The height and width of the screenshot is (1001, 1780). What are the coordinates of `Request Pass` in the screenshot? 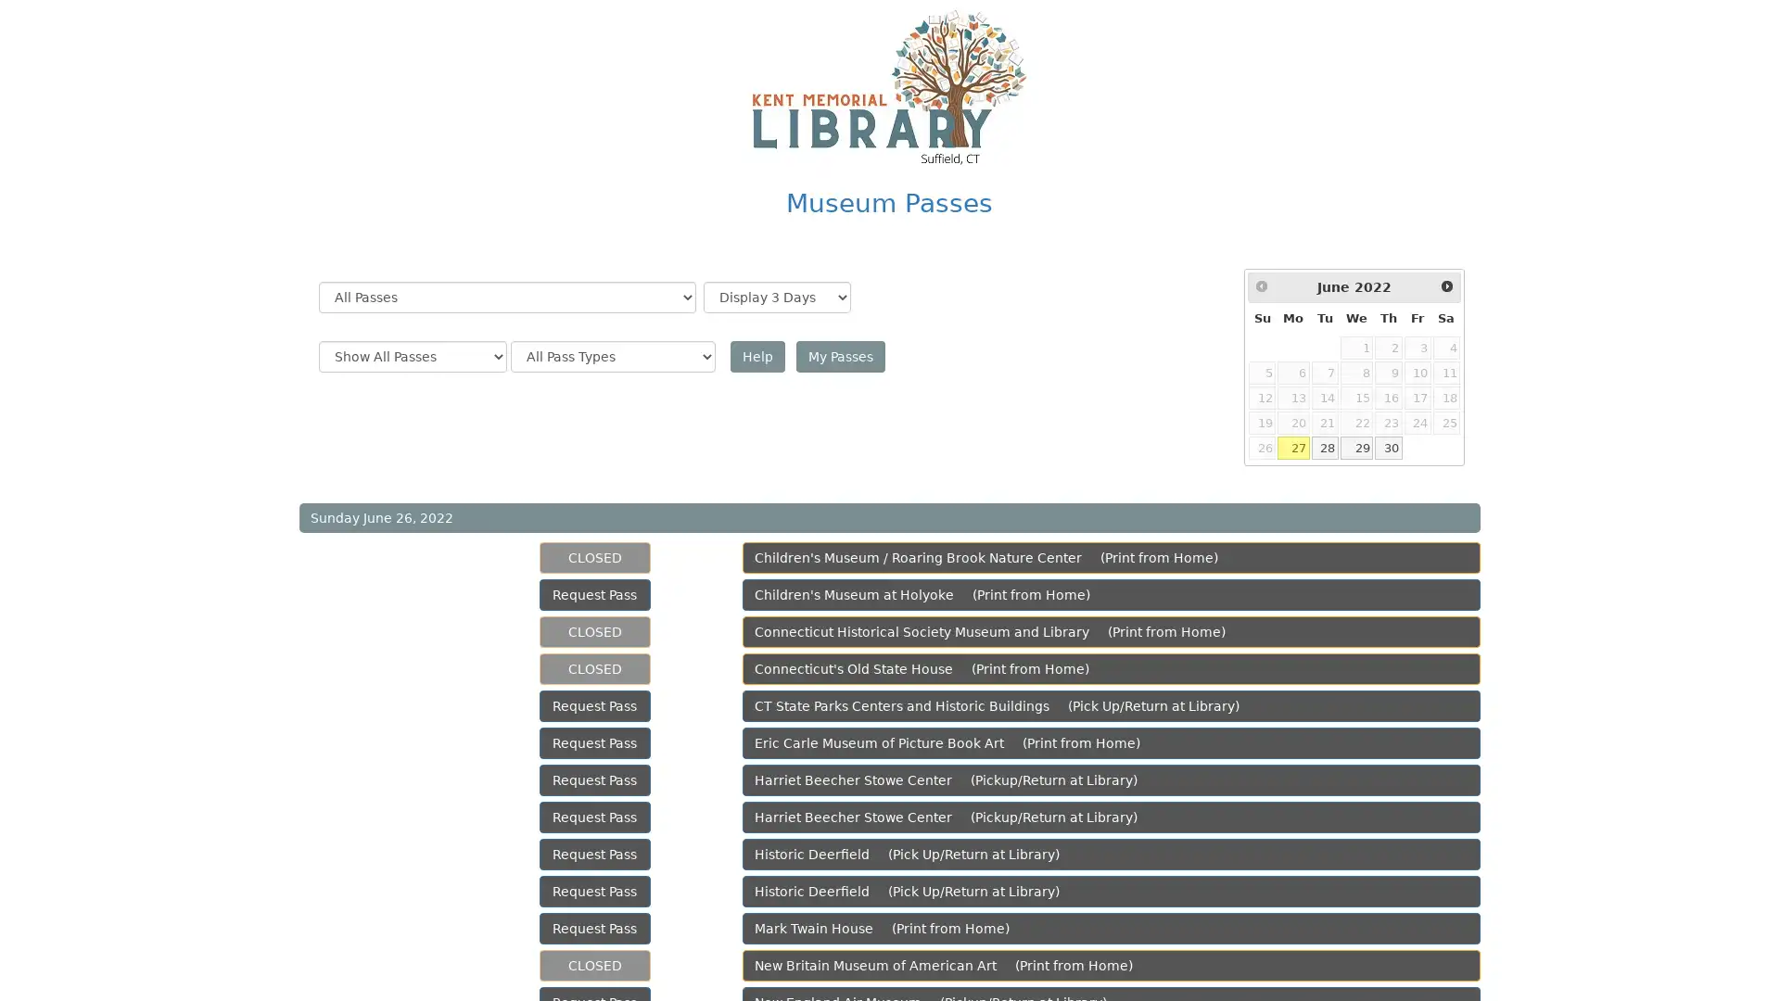 It's located at (594, 929).